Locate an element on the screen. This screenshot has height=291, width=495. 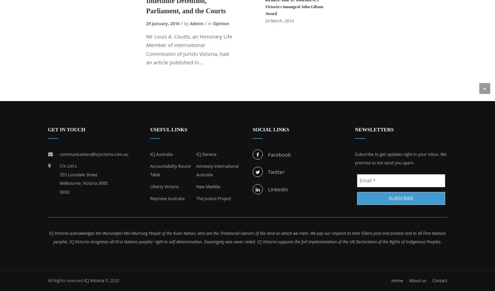
'Contact' is located at coordinates (439, 280).